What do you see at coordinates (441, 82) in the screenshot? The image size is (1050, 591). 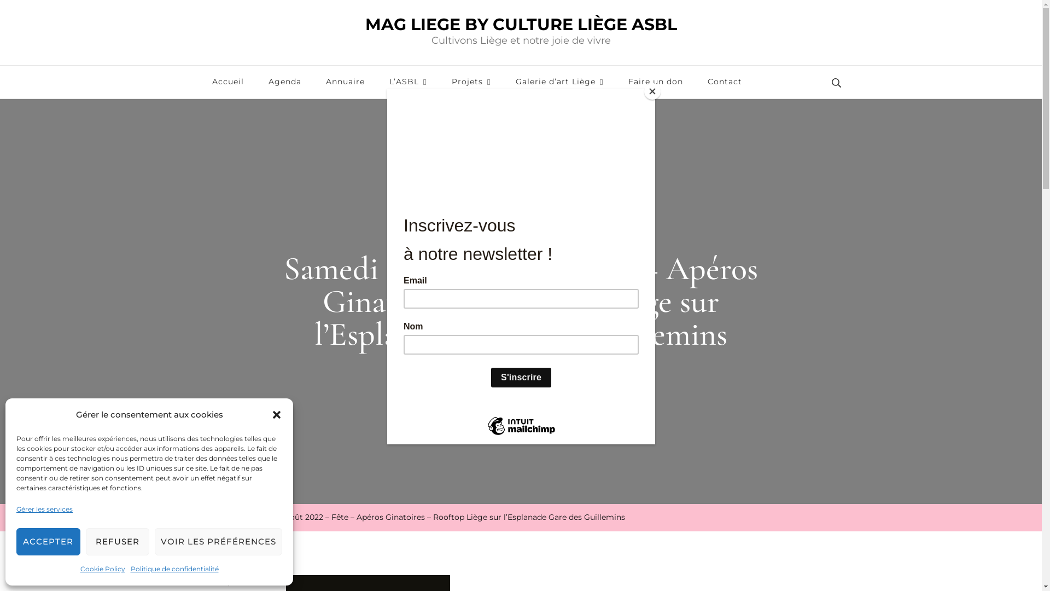 I see `'Projets'` at bounding box center [441, 82].